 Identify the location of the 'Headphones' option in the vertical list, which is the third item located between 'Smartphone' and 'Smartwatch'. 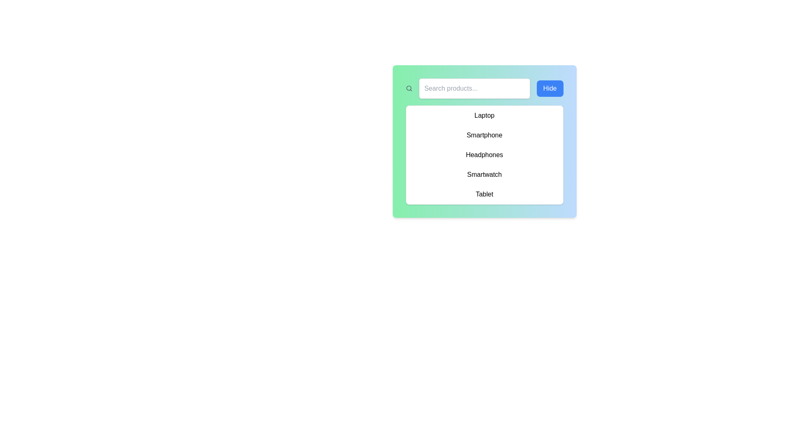
(484, 155).